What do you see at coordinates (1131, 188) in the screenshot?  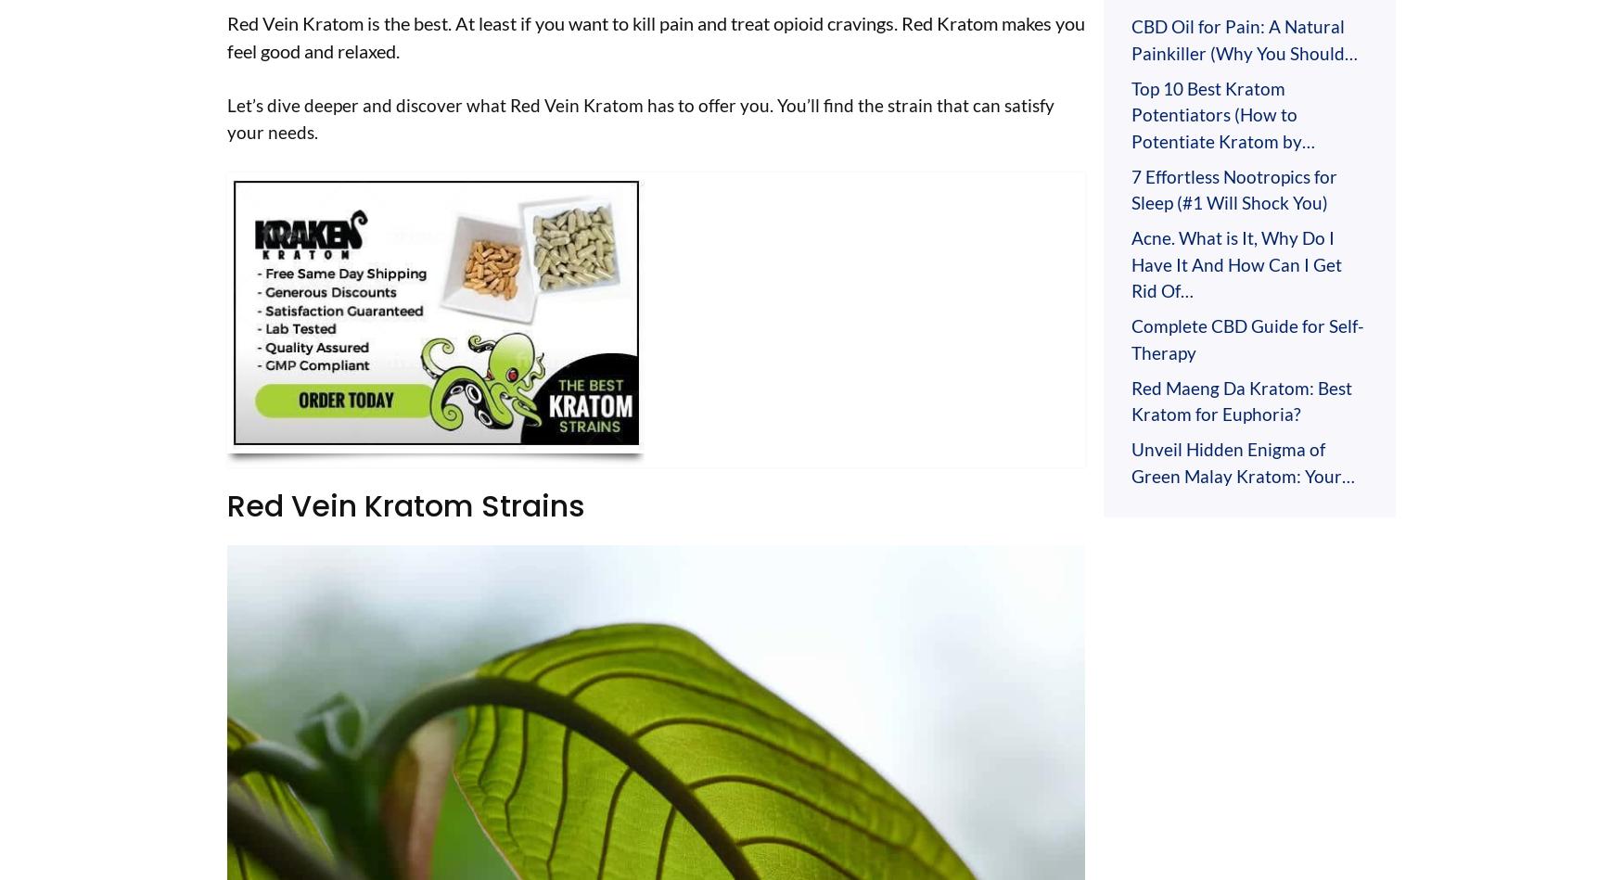 I see `'7 Effortless Nootropics for Sleep (#1 Will Shock You)'` at bounding box center [1131, 188].